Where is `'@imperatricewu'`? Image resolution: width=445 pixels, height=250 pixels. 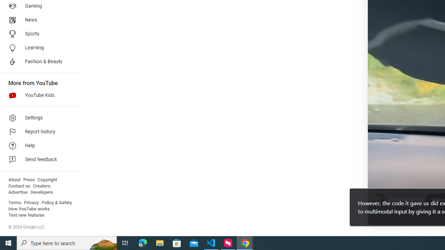 '@imperatricewu' is located at coordinates (406, 200).